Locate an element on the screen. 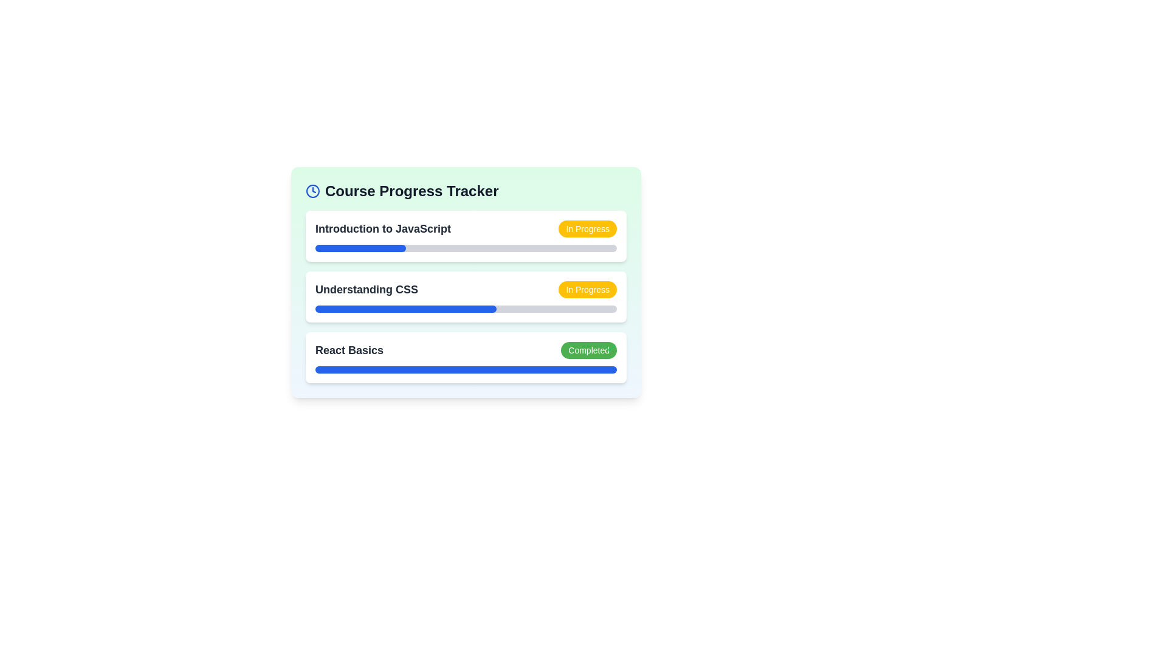 This screenshot has height=656, width=1167. the second List Item Component titled 'Understanding CSS' in the Course Progress Tracker for more details is located at coordinates (466, 297).